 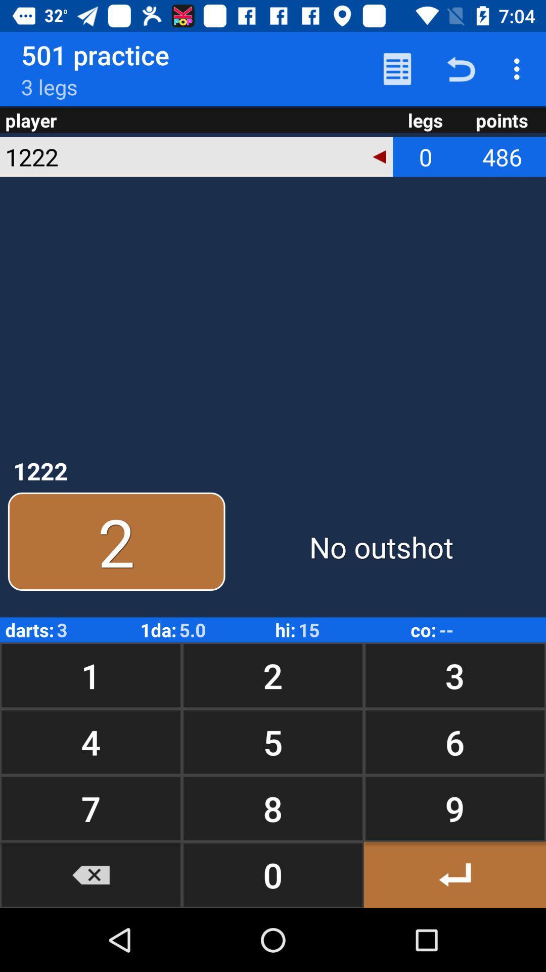 What do you see at coordinates (91, 874) in the screenshot?
I see `cancel` at bounding box center [91, 874].